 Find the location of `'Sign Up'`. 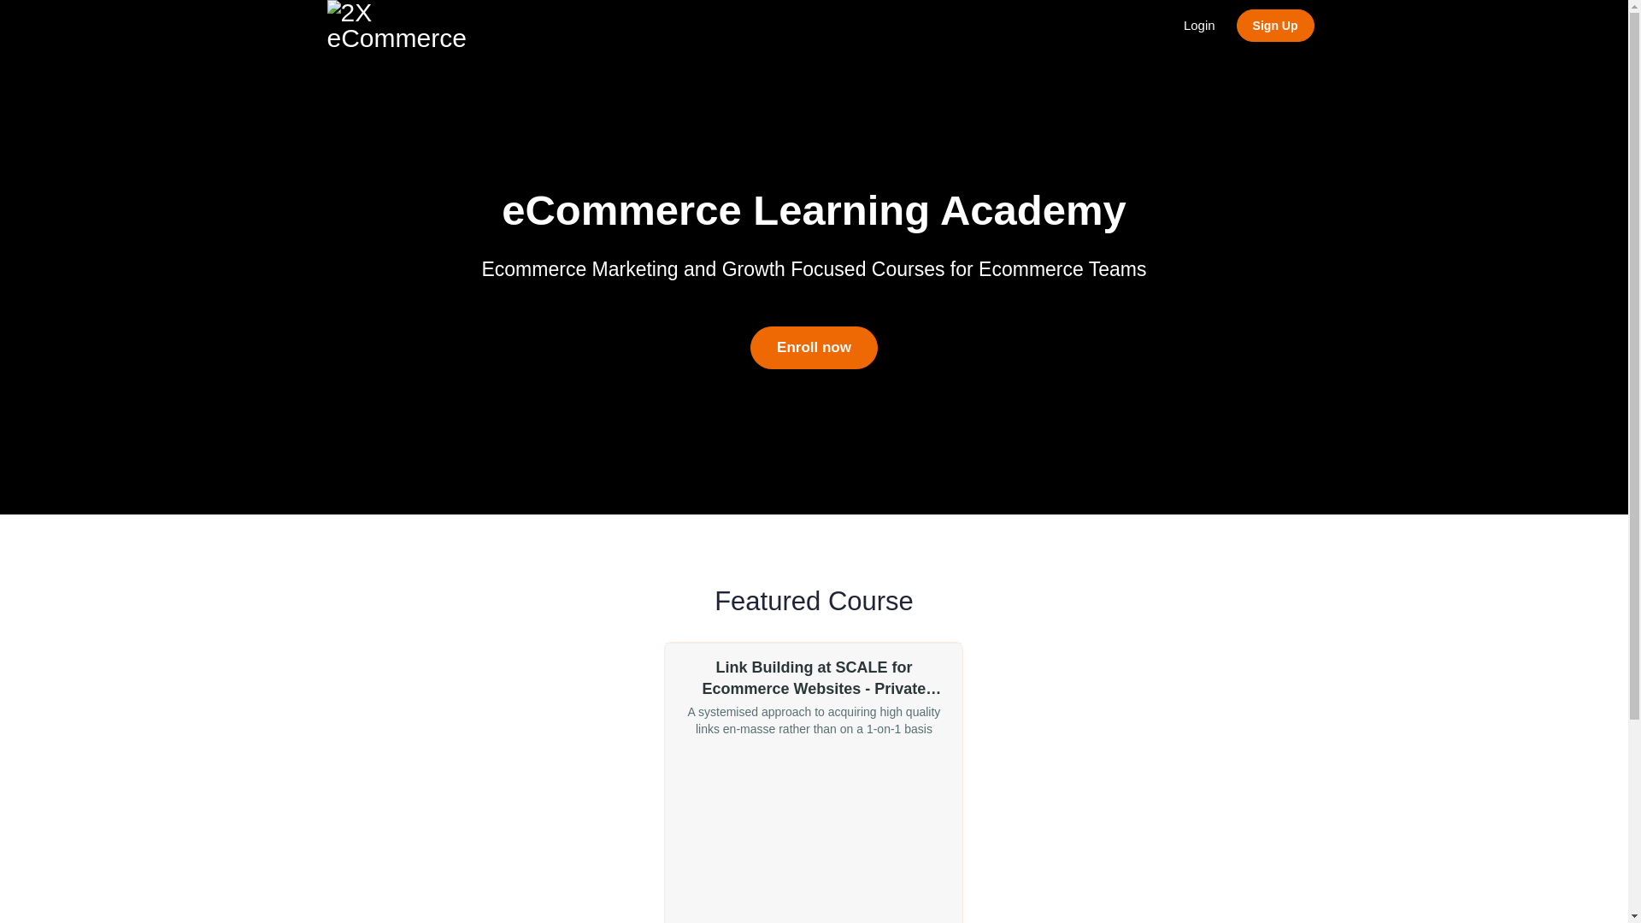

'Sign Up' is located at coordinates (1275, 26).